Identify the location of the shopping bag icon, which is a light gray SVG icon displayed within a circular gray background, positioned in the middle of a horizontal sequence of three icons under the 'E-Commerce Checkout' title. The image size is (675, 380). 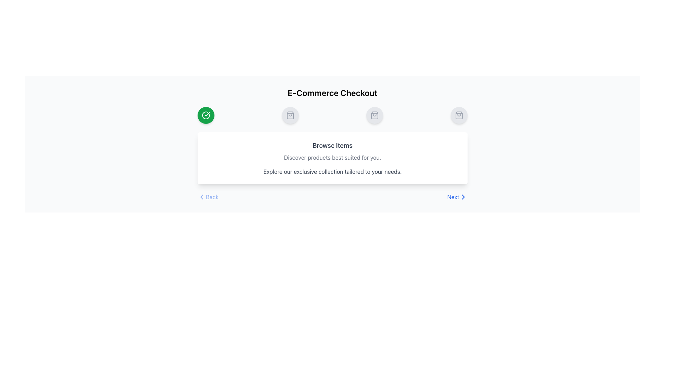
(290, 115).